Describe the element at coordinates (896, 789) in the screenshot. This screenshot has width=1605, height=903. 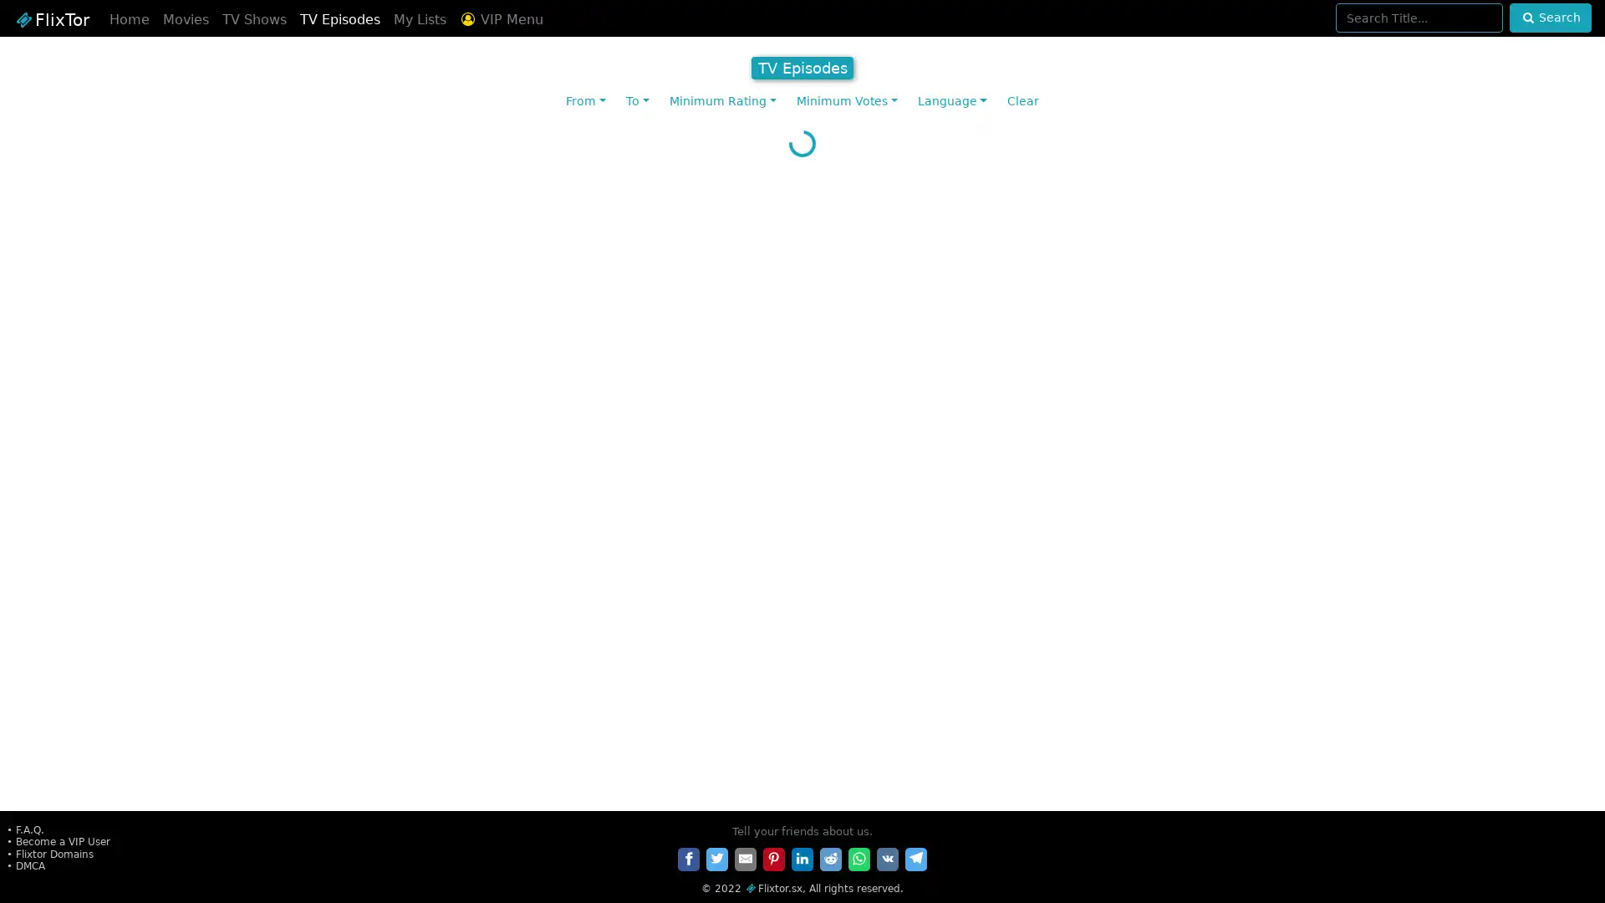
I see `Watch Now` at that location.